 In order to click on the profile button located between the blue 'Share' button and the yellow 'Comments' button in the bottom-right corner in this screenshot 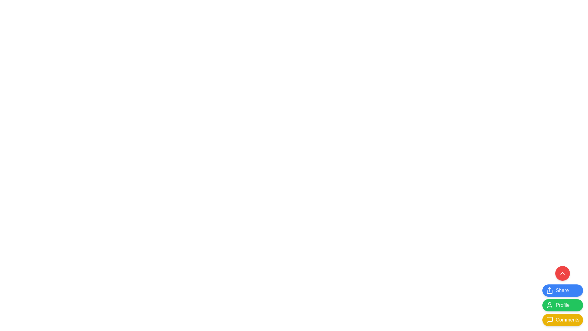, I will do `click(563, 305)`.